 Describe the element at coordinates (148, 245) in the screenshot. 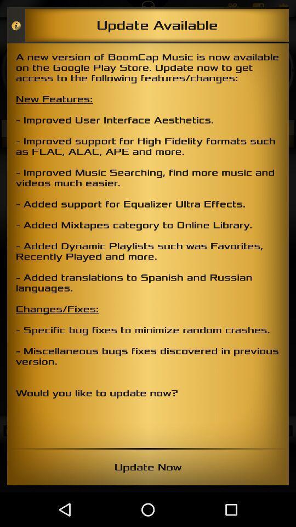

I see `the a new version` at that location.